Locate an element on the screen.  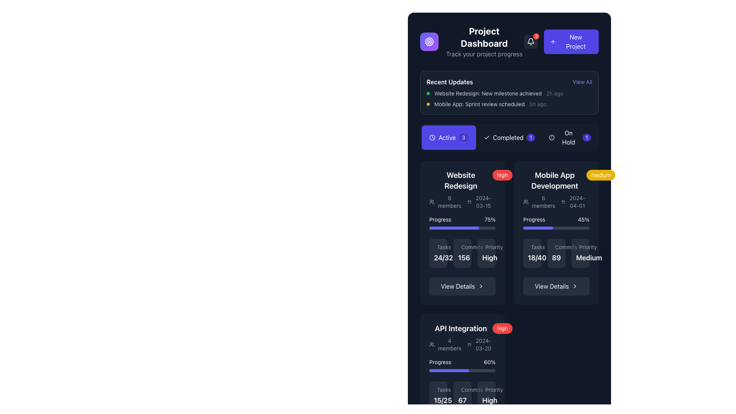
the 'On Hold' status filter button, which is the third button in a horizontal list located below the 'Recent Updates' section is located at coordinates (570, 137).